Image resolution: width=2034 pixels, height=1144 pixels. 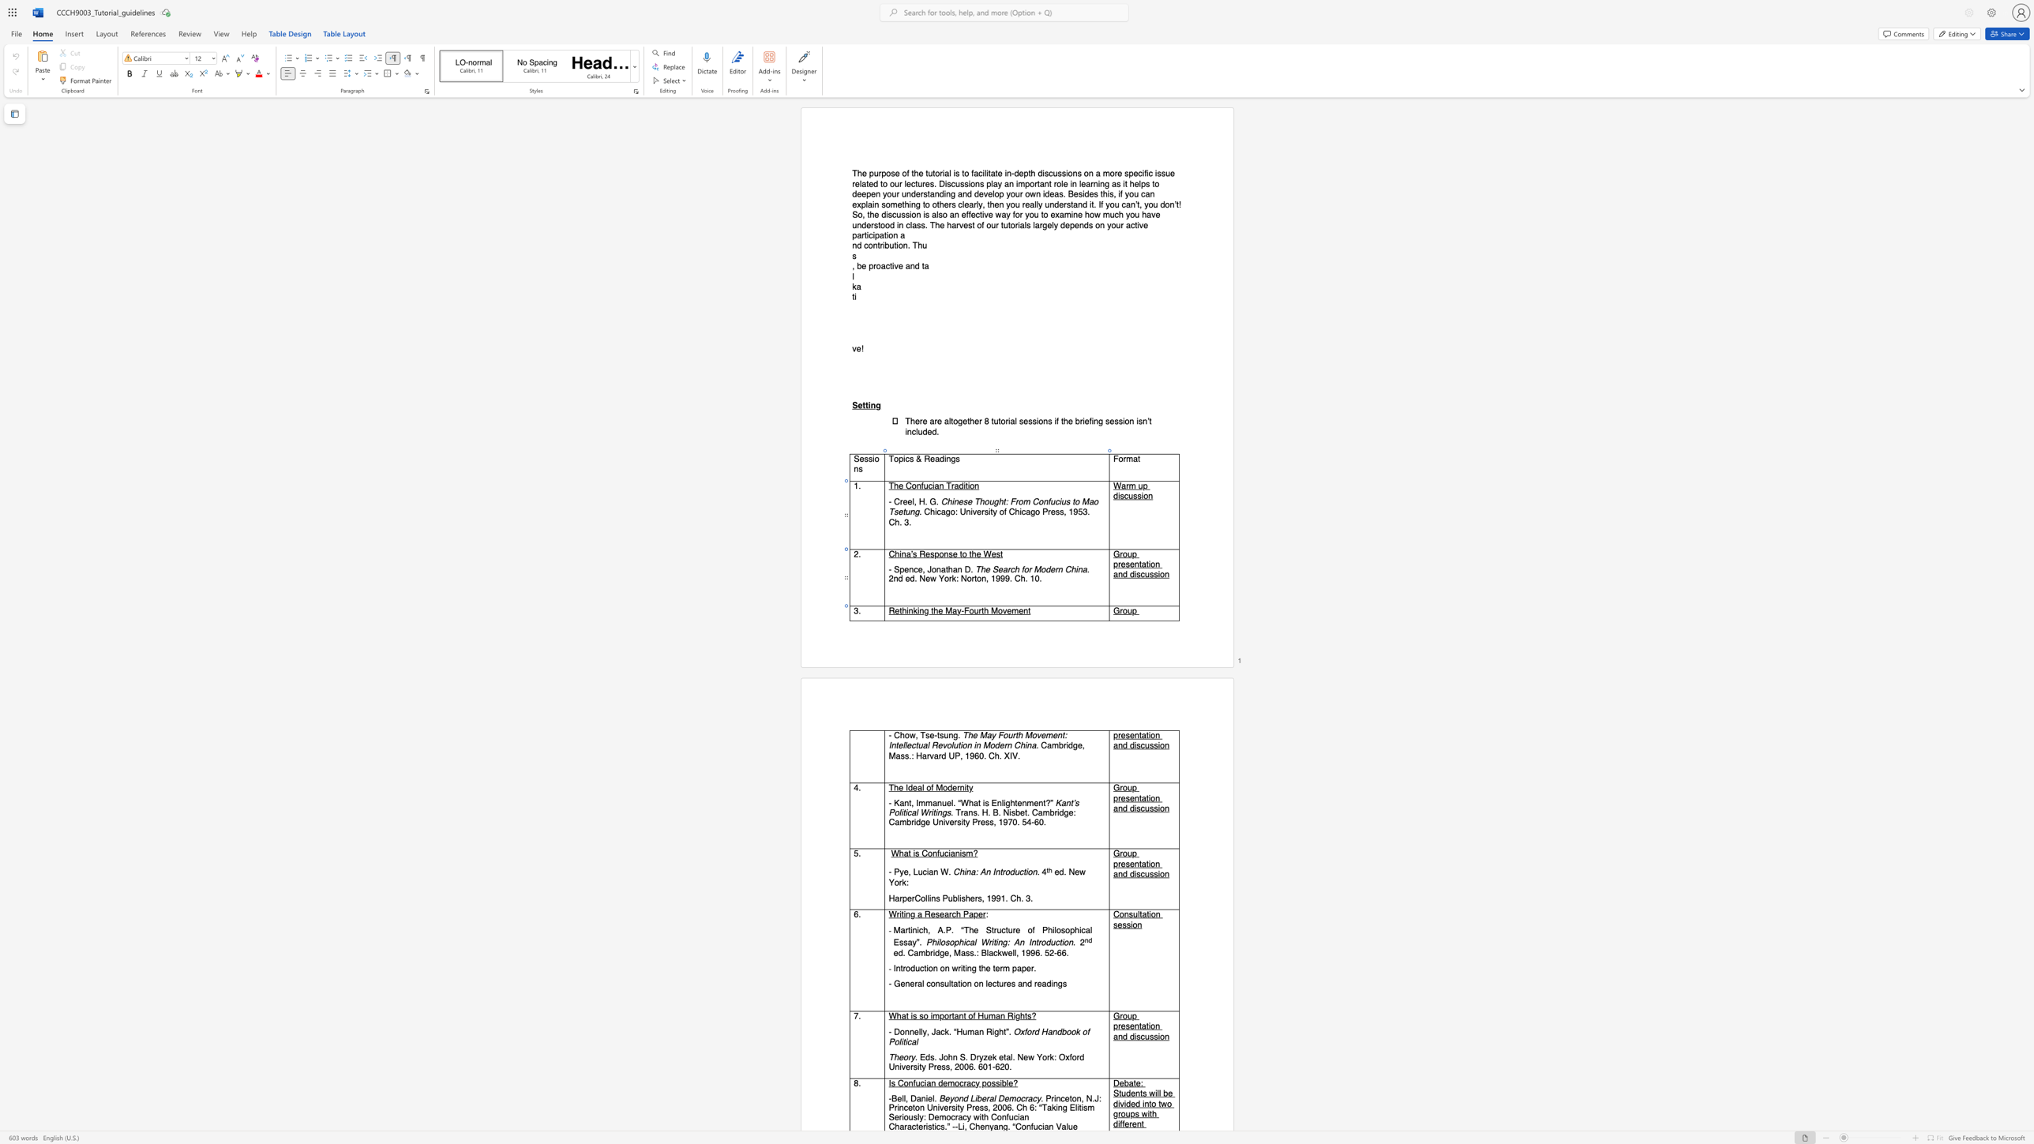 I want to click on the 2th character "u" in the text, so click(x=1146, y=574).